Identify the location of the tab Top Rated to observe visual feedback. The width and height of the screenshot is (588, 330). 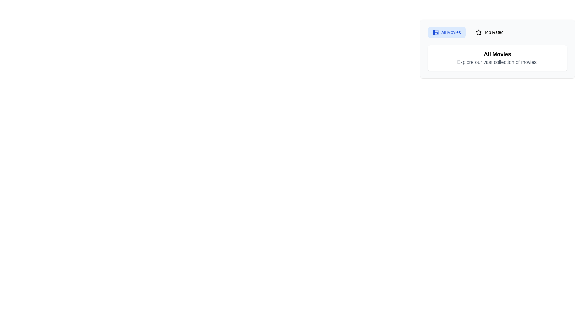
(489, 32).